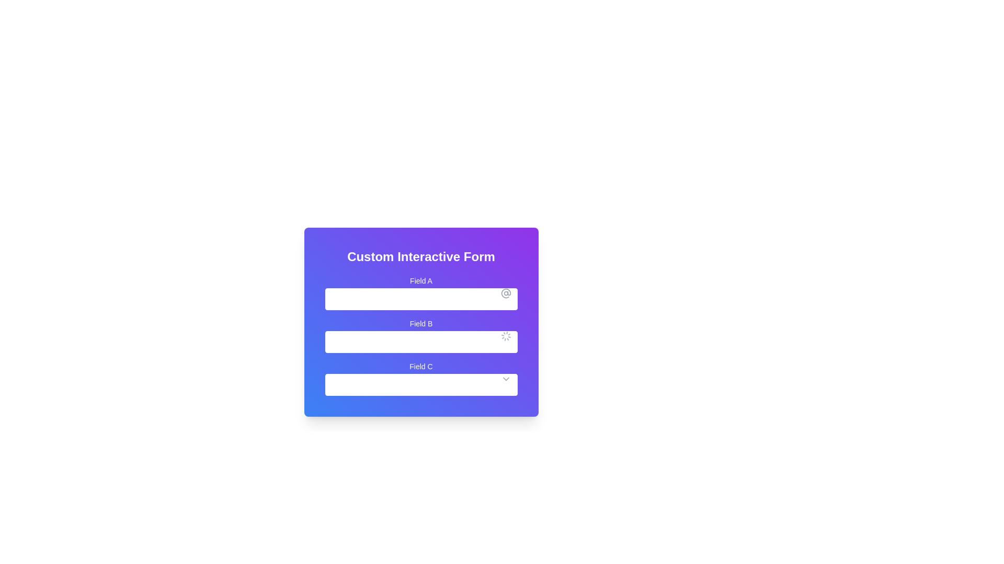 Image resolution: width=1004 pixels, height=564 pixels. What do you see at coordinates (421, 342) in the screenshot?
I see `real-time updates in the text input field located below the label 'Field B', indicated by the spinner icon to the right of the input` at bounding box center [421, 342].